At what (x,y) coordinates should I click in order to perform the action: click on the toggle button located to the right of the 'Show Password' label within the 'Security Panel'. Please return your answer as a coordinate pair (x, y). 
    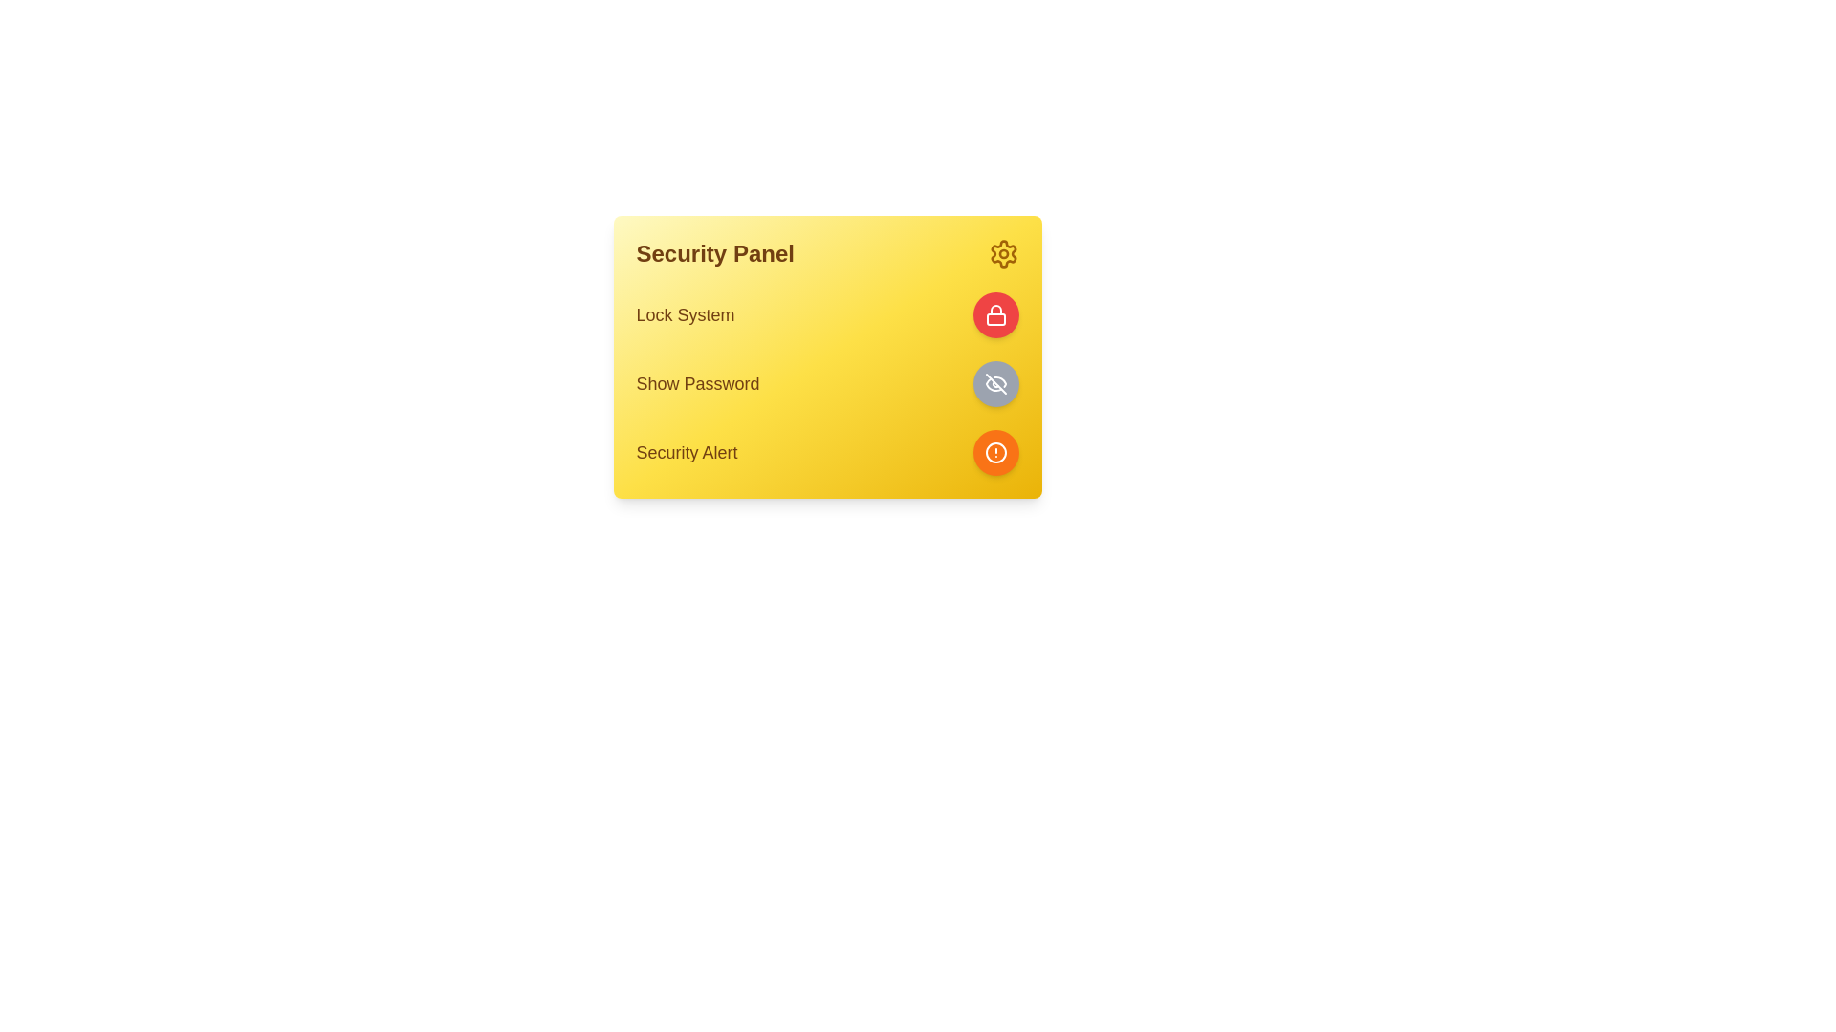
    Looking at the image, I should click on (994, 383).